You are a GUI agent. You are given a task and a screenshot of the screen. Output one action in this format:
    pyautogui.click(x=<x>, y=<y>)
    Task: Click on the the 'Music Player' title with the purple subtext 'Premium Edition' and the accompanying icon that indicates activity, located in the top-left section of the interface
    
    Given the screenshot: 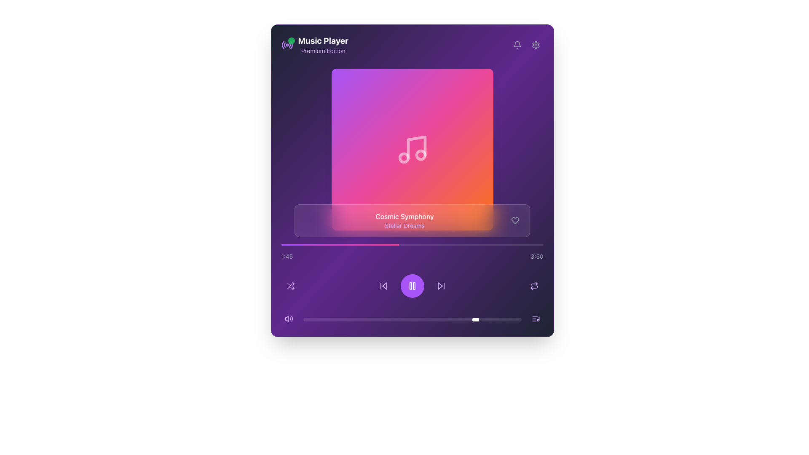 What is the action you would take?
    pyautogui.click(x=314, y=45)
    